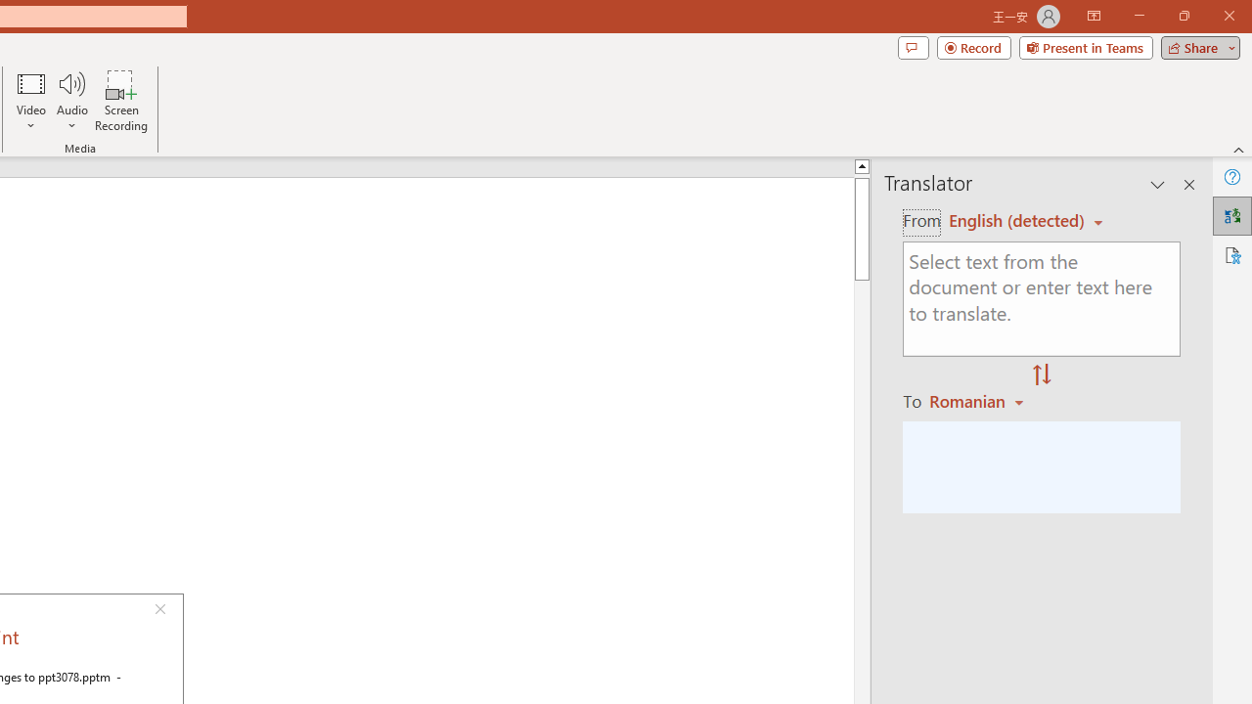 This screenshot has height=704, width=1252. What do you see at coordinates (979, 400) in the screenshot?
I see `'Romanian'` at bounding box center [979, 400].